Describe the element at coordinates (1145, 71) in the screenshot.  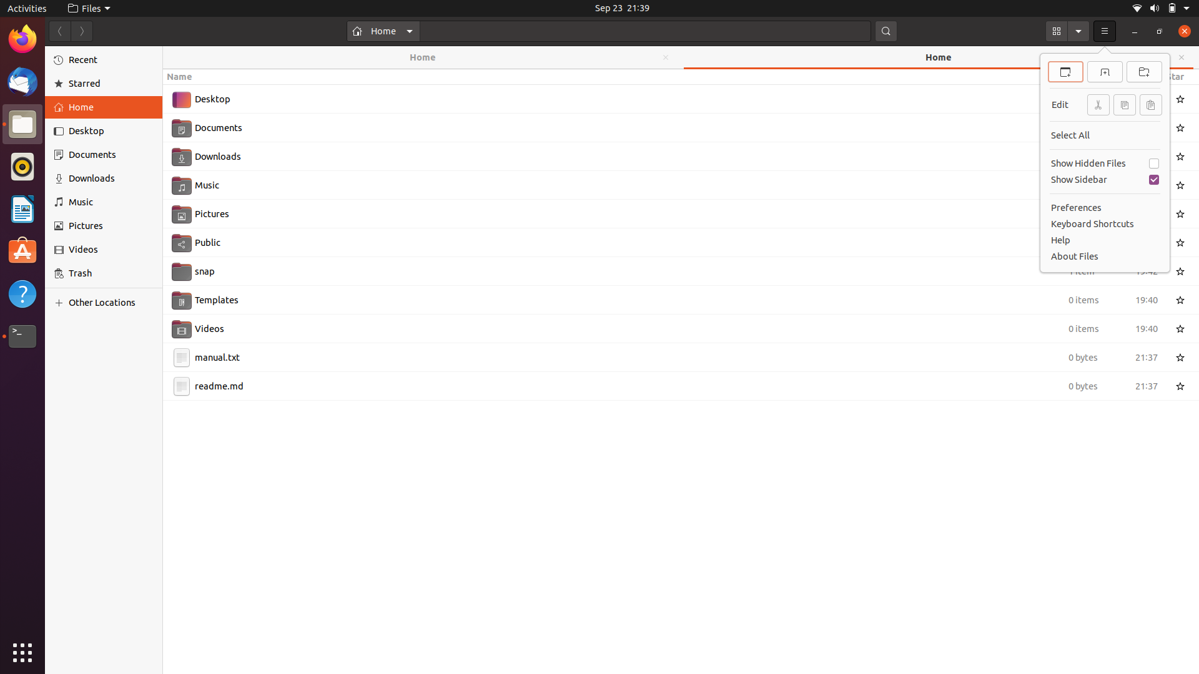
I see `the creation of a new directory with specific keyboard shortcuts` at that location.